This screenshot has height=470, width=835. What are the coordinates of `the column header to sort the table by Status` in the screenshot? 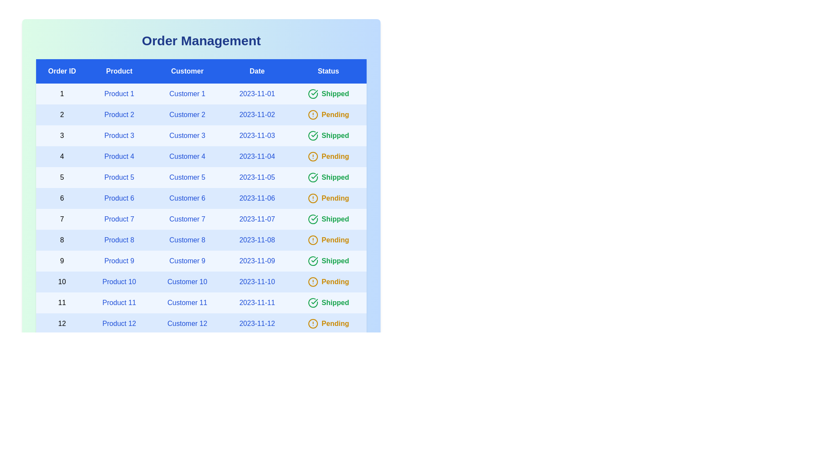 It's located at (327, 71).